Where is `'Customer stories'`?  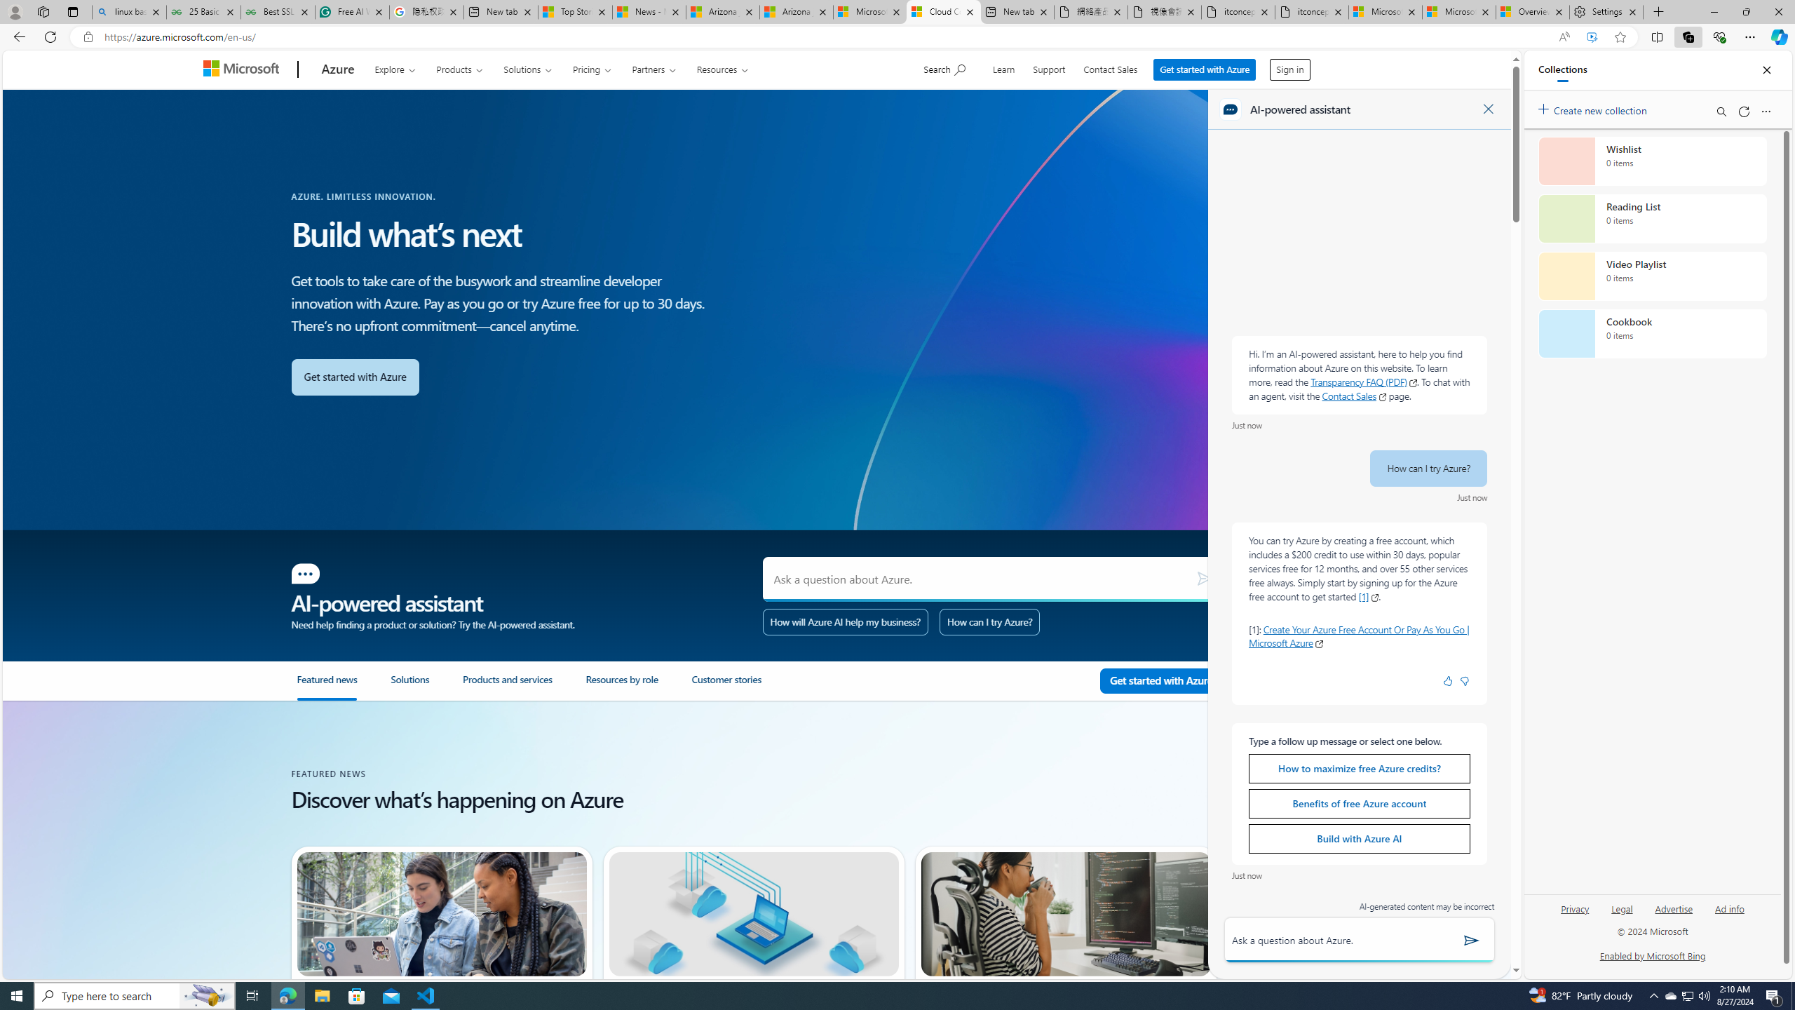 'Customer stories' is located at coordinates (744, 686).